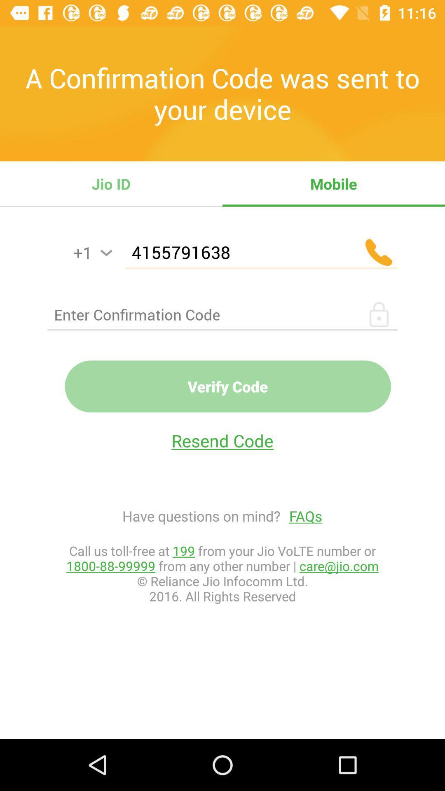 This screenshot has height=791, width=445. What do you see at coordinates (222, 314) in the screenshot?
I see `icon above verify code item` at bounding box center [222, 314].